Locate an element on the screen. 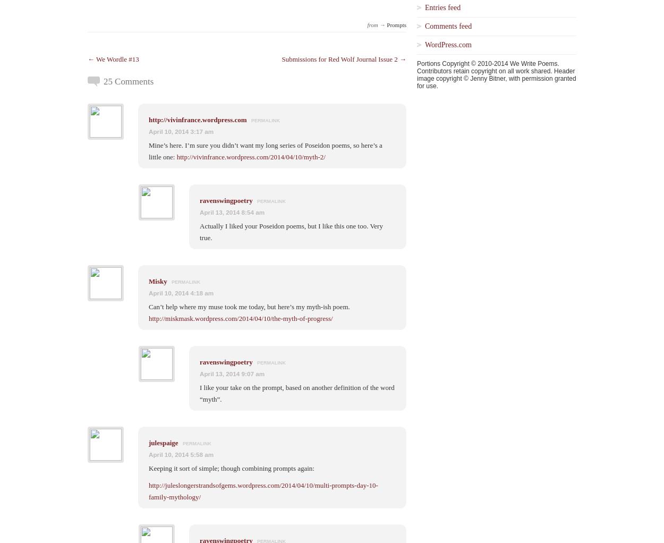 The height and width of the screenshot is (543, 664). 'April 10, 2014 5:58 am' is located at coordinates (181, 454).